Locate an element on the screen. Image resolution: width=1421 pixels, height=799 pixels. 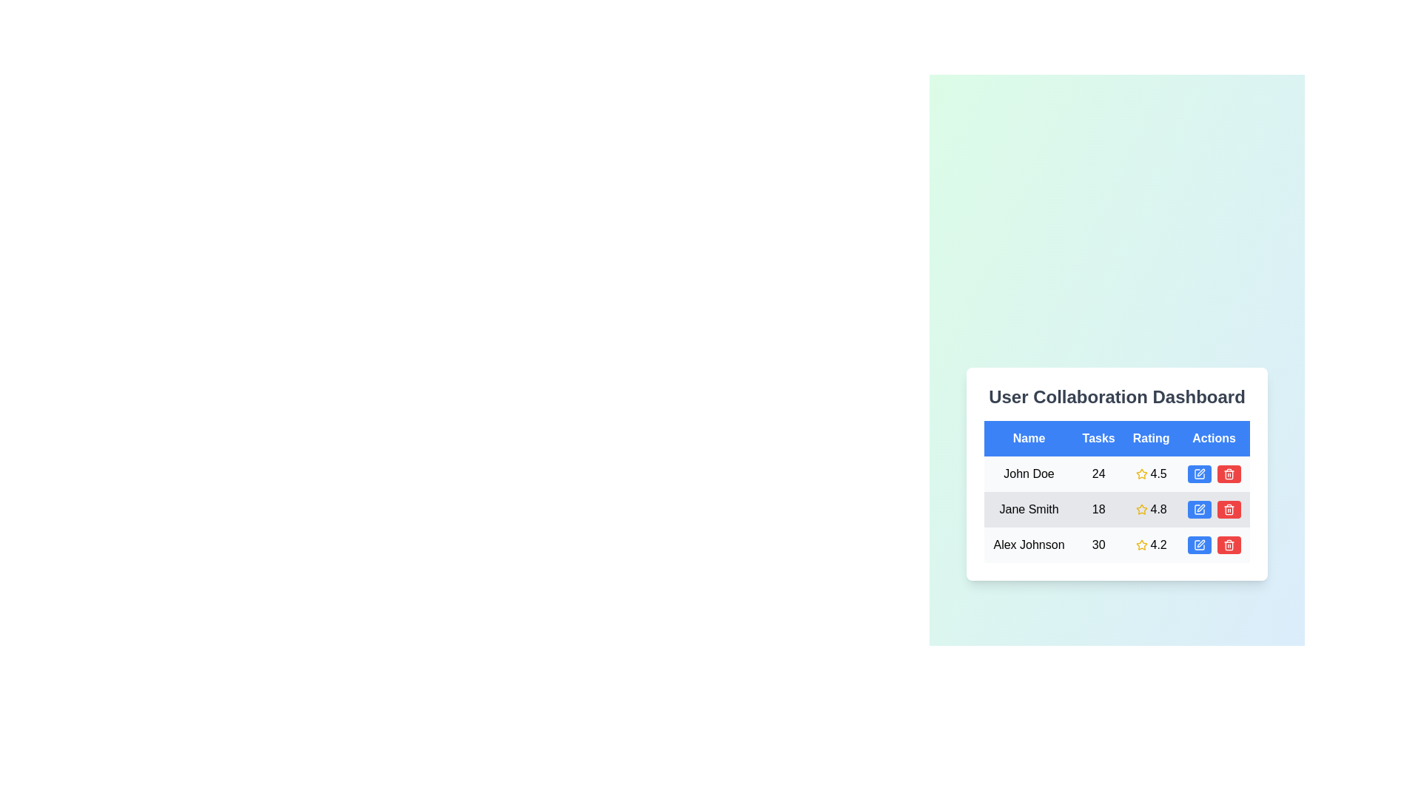
the header text label that identifies the user collaboration section in the dashboard interface is located at coordinates (1117, 396).